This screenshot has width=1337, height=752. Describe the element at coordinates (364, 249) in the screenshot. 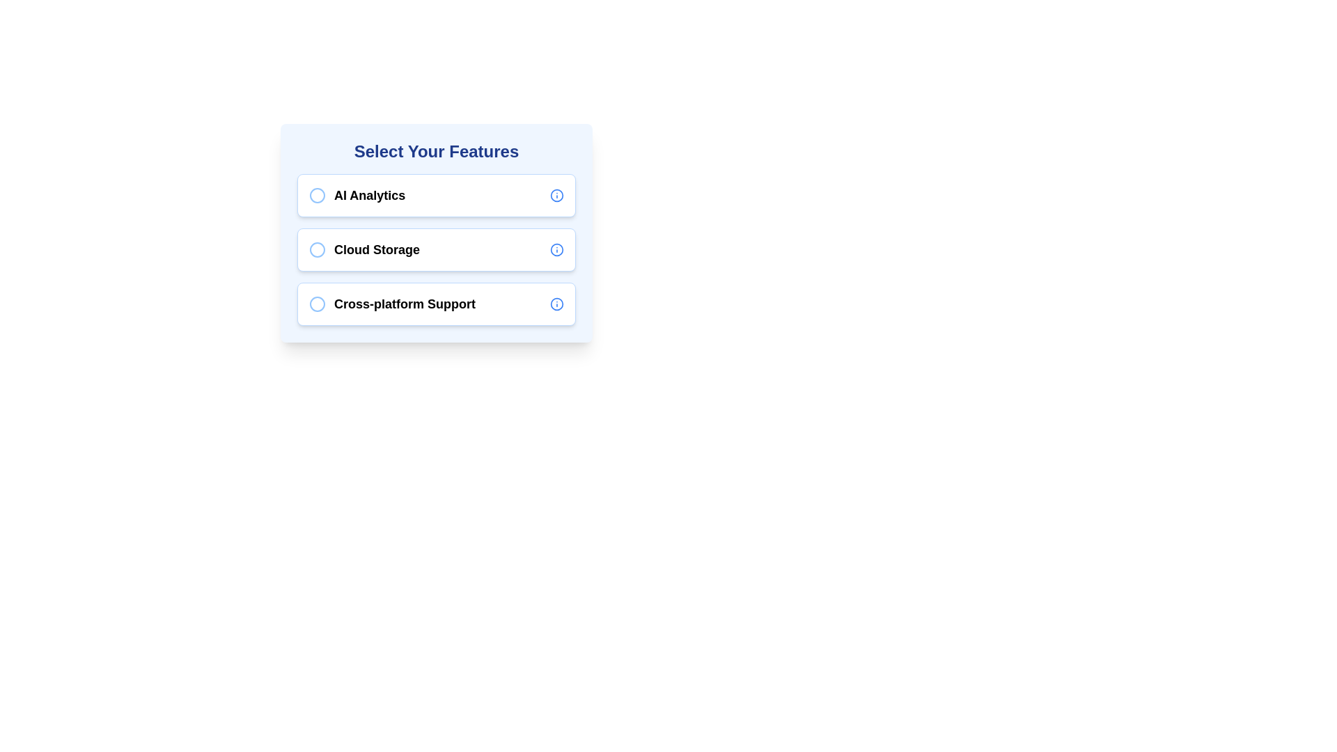

I see `the 'Cloud Storage' text label` at that location.